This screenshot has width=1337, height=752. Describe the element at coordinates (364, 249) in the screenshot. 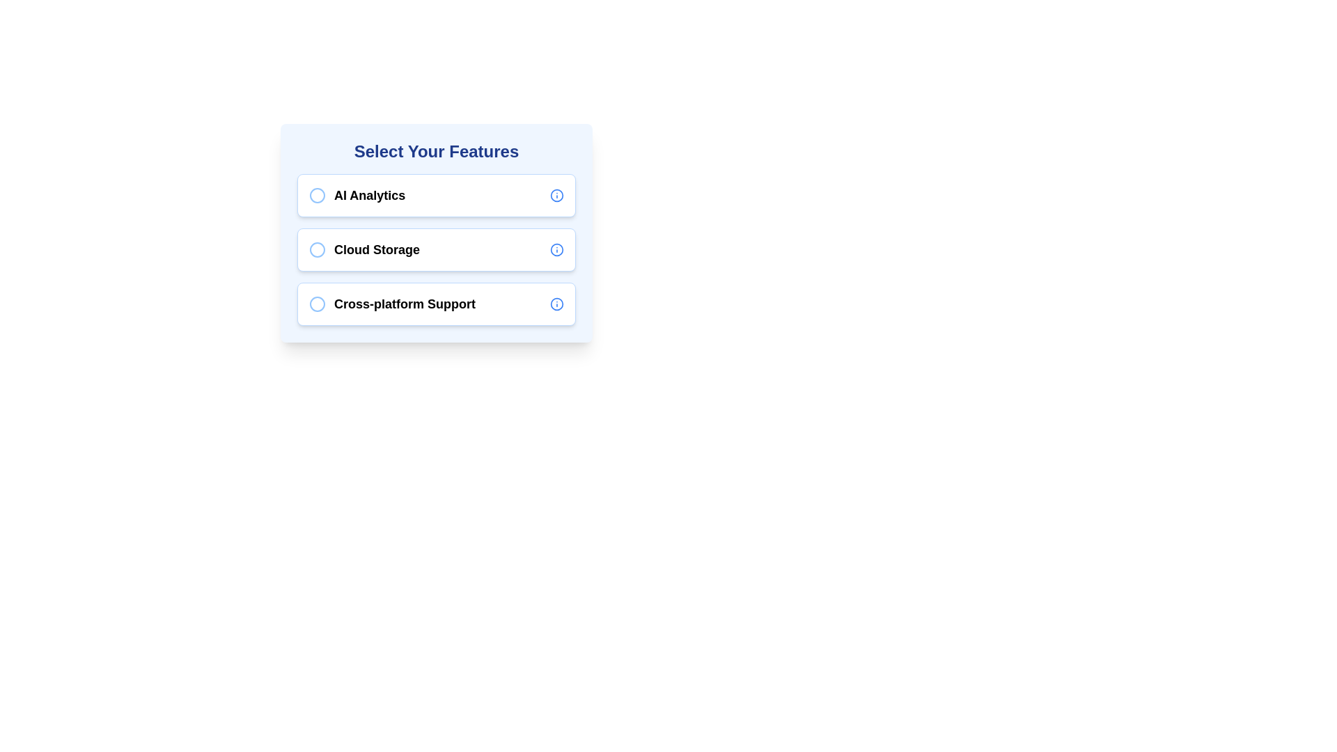

I see `the 'Cloud Storage' text label` at that location.